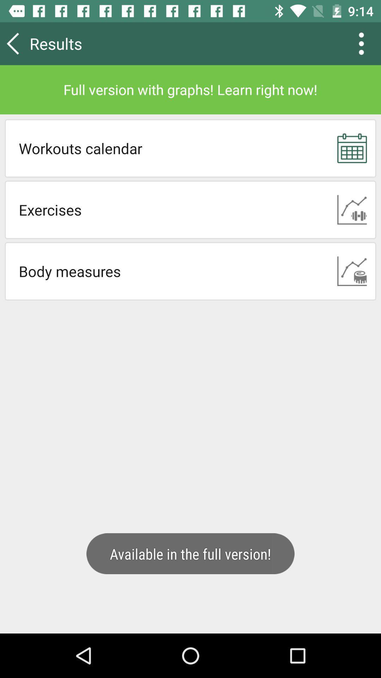 Image resolution: width=381 pixels, height=678 pixels. What do you see at coordinates (364, 43) in the screenshot?
I see `the more icon` at bounding box center [364, 43].